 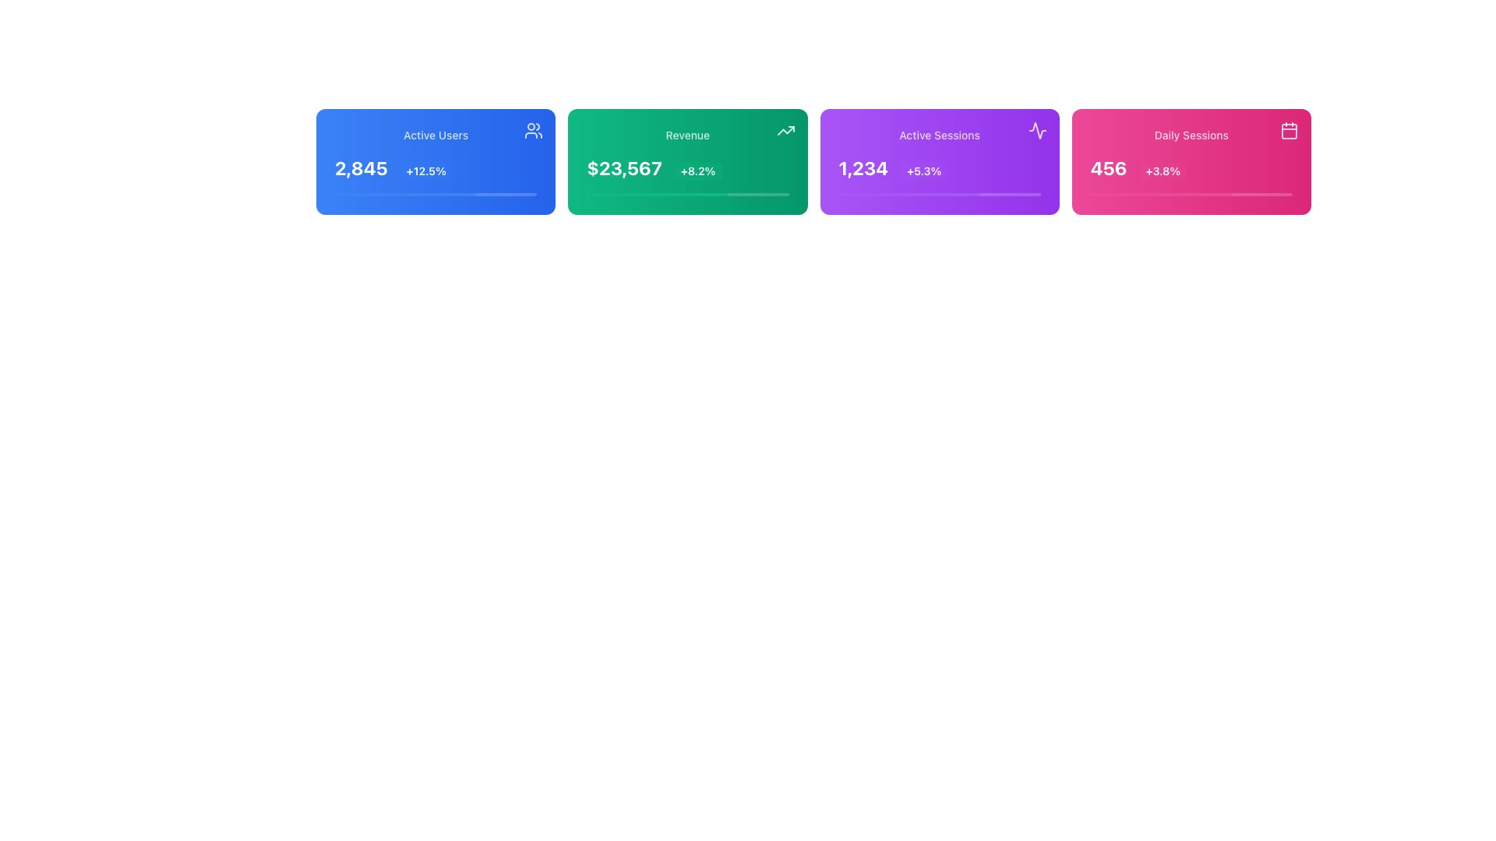 What do you see at coordinates (624, 168) in the screenshot?
I see `the text element displaying the revenue value, located within the green card titled 'Revenue' and aligned to the left as the first piece of information` at bounding box center [624, 168].